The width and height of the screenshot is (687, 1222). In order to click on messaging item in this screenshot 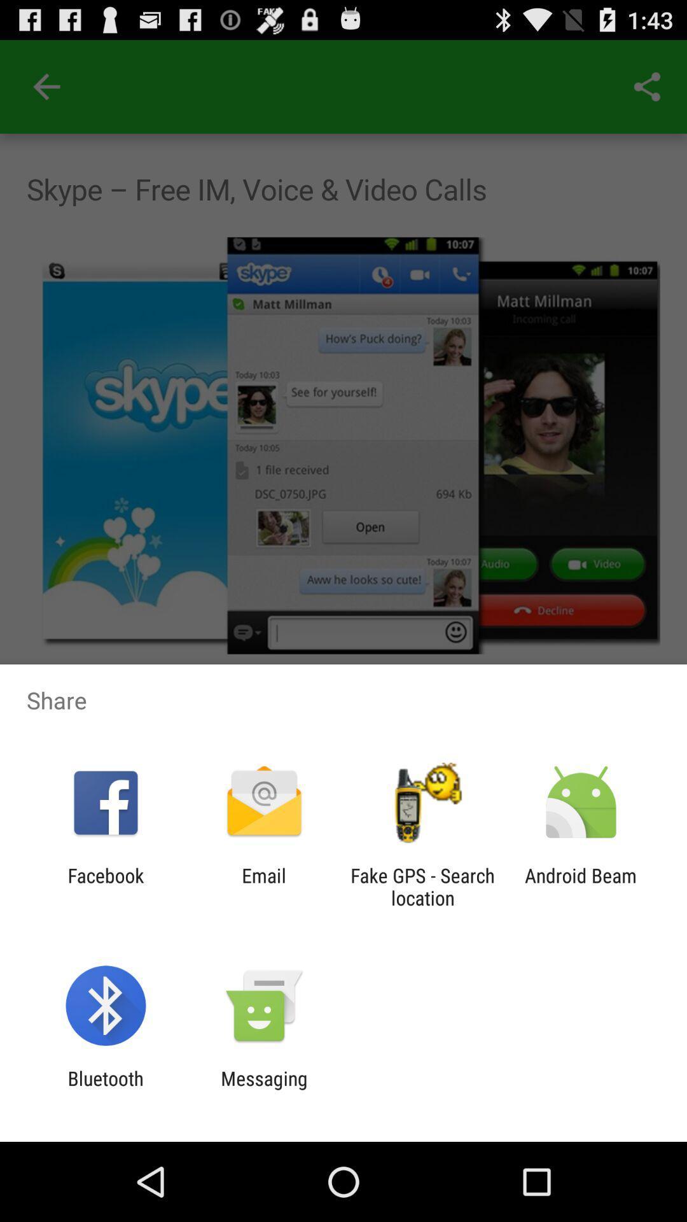, I will do `click(263, 1089)`.